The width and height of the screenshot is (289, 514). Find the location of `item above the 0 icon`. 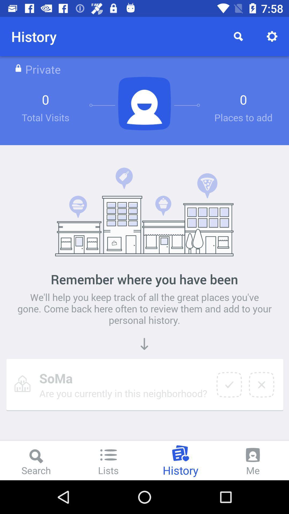

item above the 0 icon is located at coordinates (272, 36).